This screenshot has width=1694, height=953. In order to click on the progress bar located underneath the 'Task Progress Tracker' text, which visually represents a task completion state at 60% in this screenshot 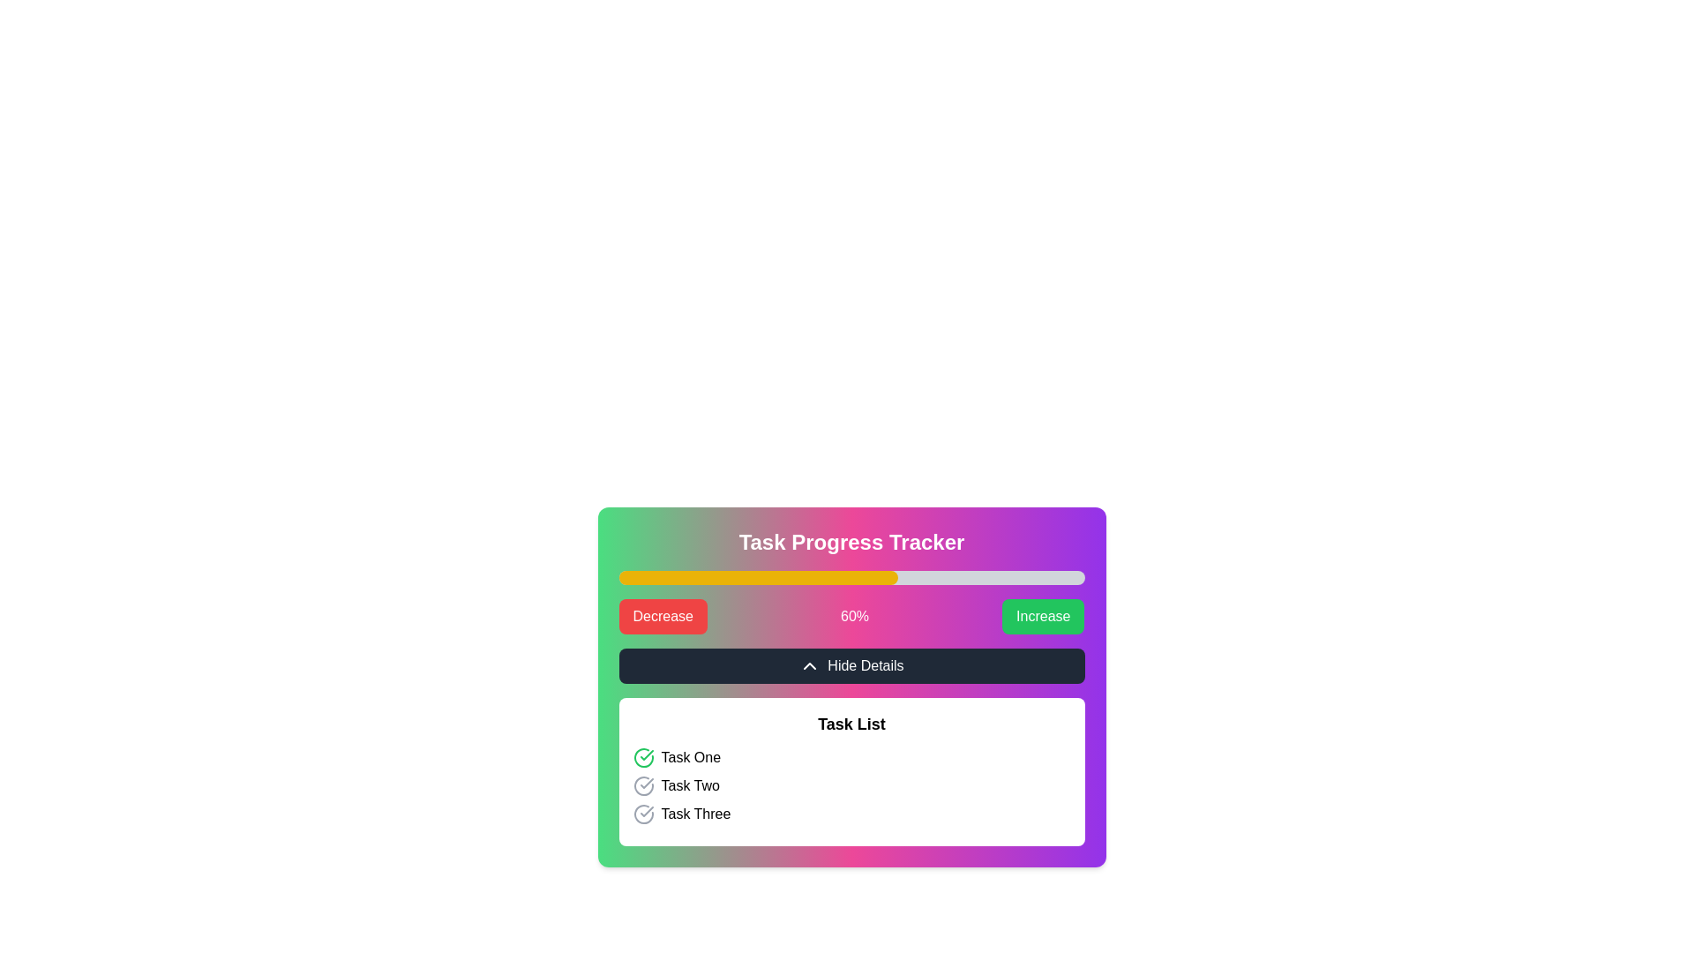, I will do `click(851, 578)`.